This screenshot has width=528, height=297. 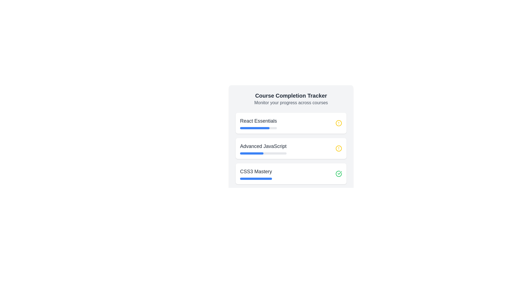 I want to click on text from the header and subtitle element that provides context about the course completion tracking functionality, so click(x=291, y=98).